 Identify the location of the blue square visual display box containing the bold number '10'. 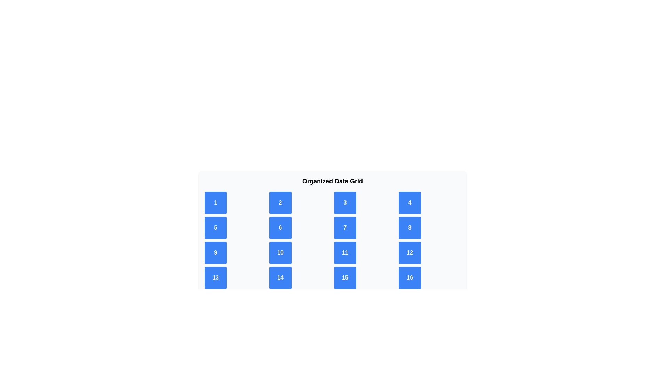
(280, 253).